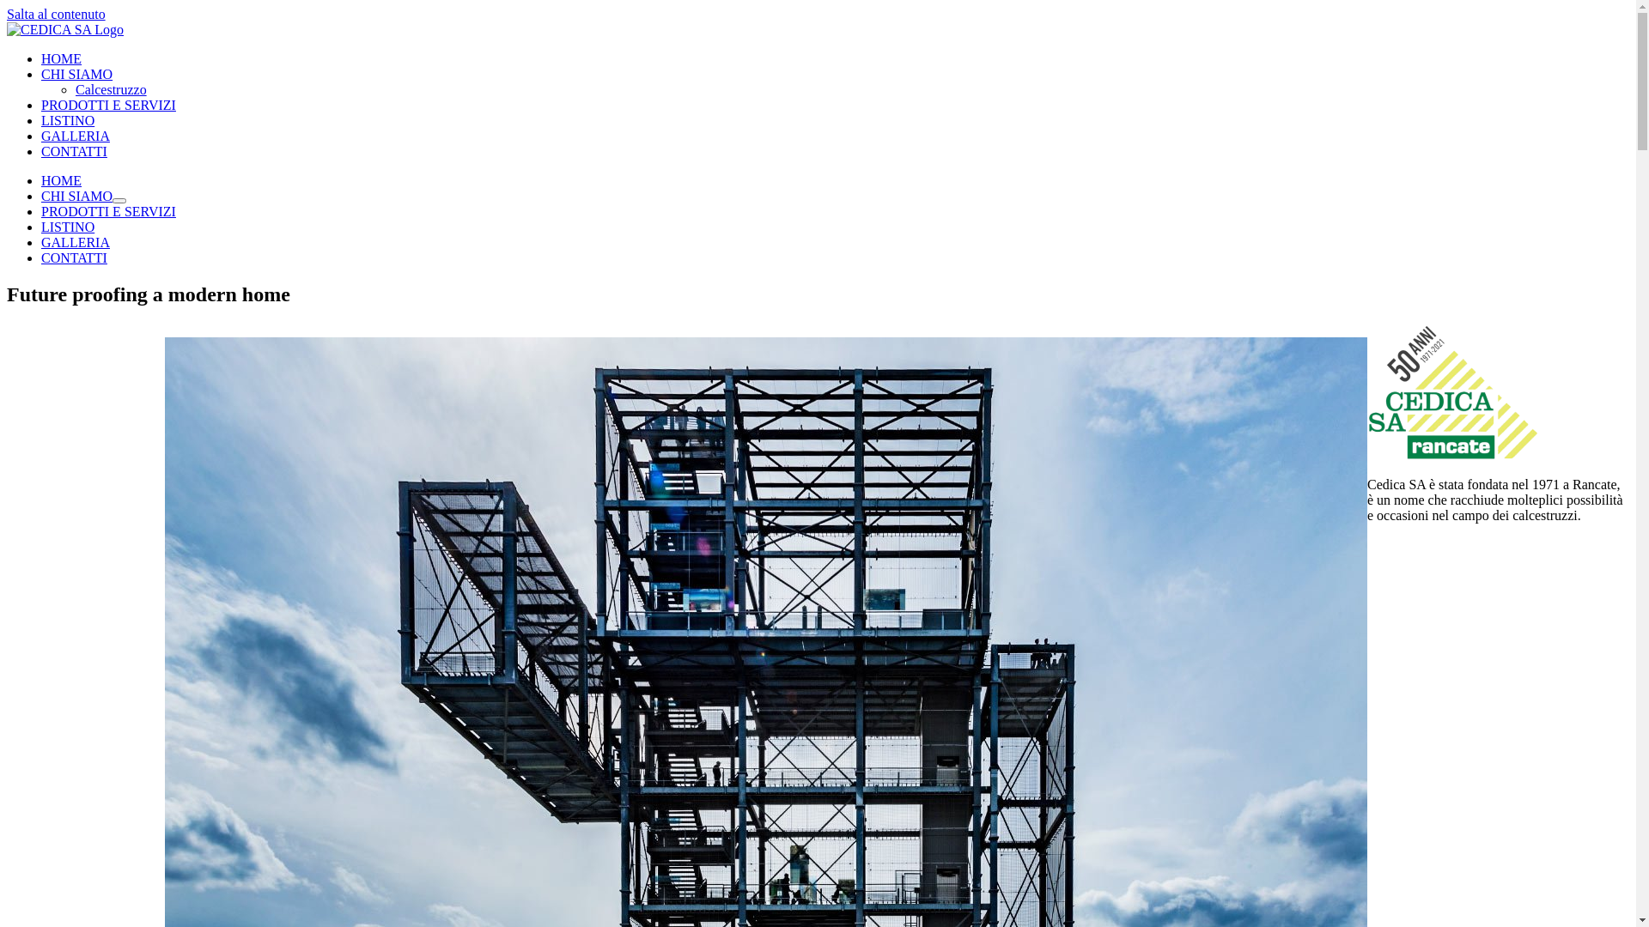  Describe the element at coordinates (41, 105) in the screenshot. I see `'PRODOTTI E SERVIZI'` at that location.